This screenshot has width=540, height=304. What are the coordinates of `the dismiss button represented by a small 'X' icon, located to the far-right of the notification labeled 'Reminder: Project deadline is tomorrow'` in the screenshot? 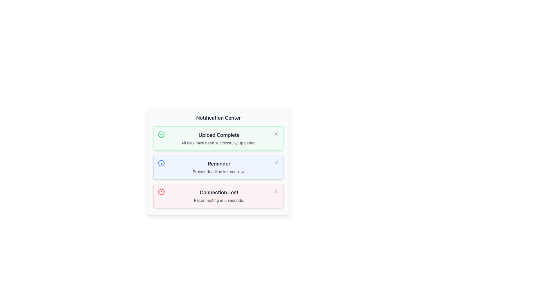 It's located at (274, 163).